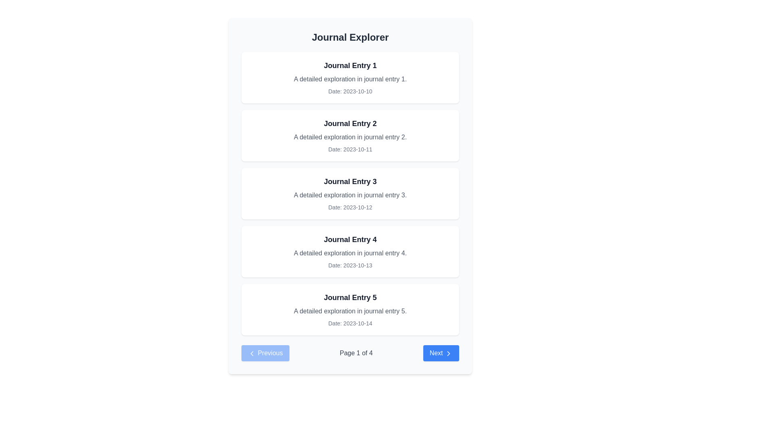 The image size is (774, 435). What do you see at coordinates (350, 309) in the screenshot?
I see `the fifth journal entry card at the bottom of the list` at bounding box center [350, 309].